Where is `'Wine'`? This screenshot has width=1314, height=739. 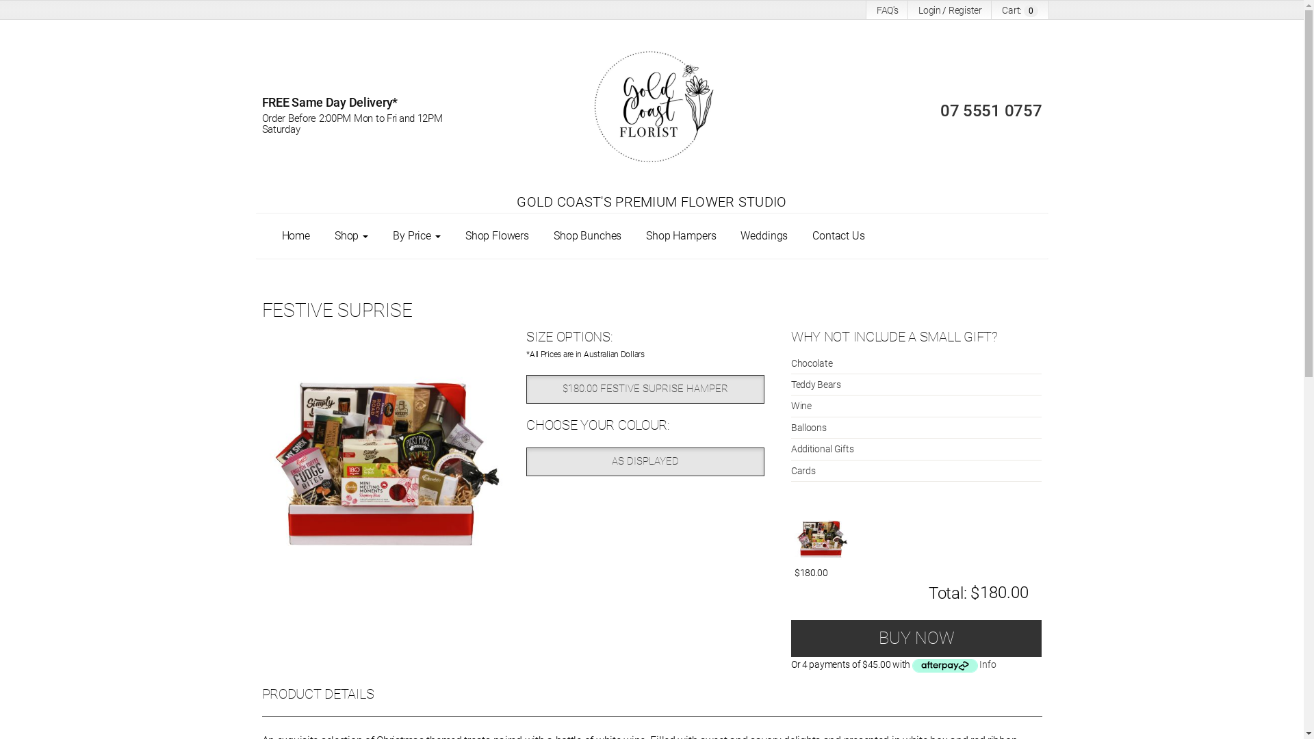 'Wine' is located at coordinates (916, 405).